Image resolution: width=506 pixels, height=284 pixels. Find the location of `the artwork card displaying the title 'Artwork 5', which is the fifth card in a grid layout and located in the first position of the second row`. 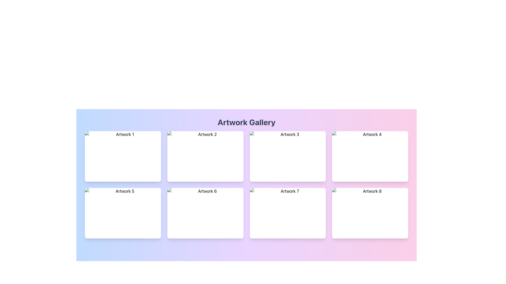

the artwork card displaying the title 'Artwork 5', which is the fifth card in a grid layout and located in the first position of the second row is located at coordinates (123, 213).